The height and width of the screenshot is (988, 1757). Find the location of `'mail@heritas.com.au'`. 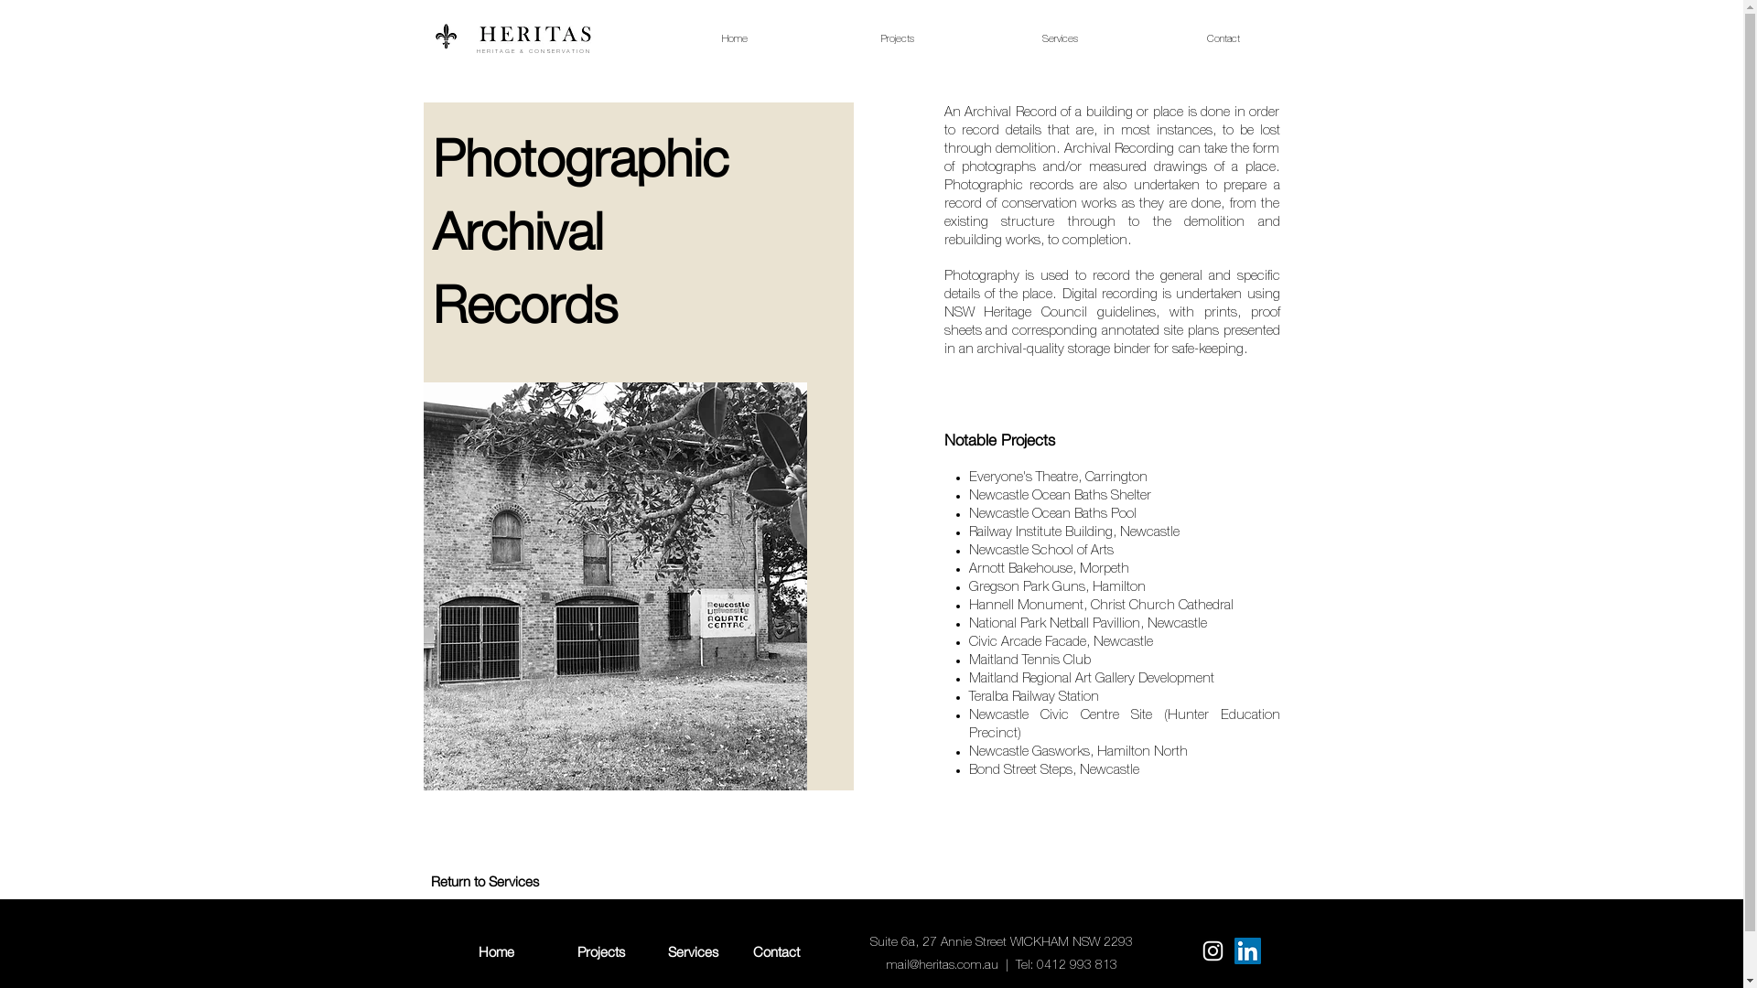

'mail@heritas.com.au' is located at coordinates (886, 964).